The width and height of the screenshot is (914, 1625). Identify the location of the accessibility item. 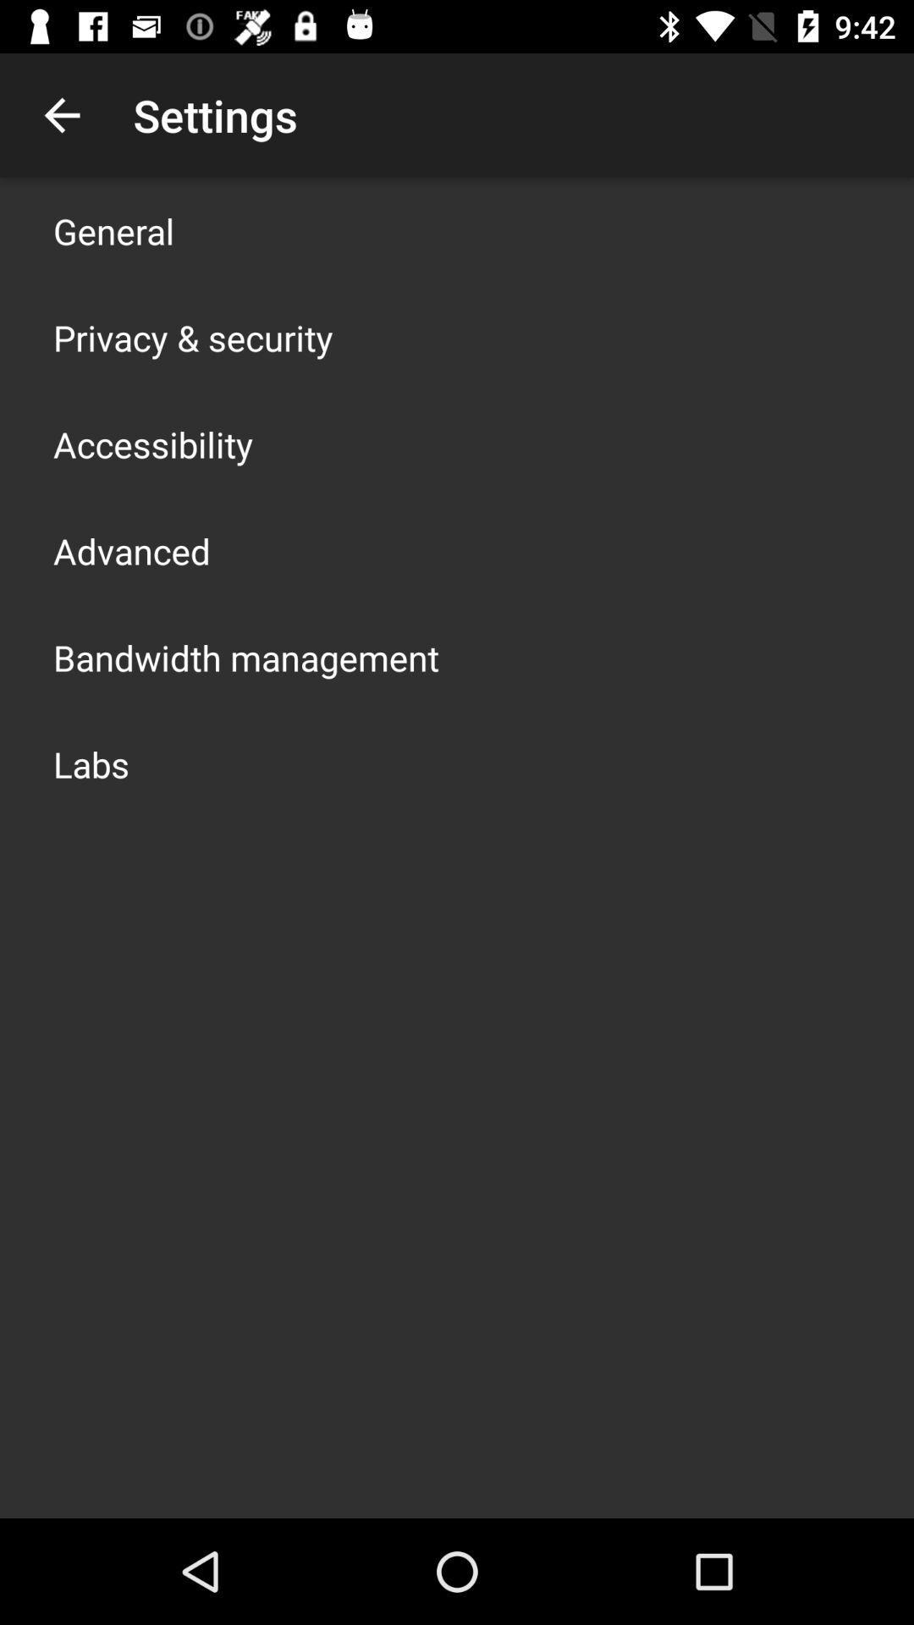
(153, 443).